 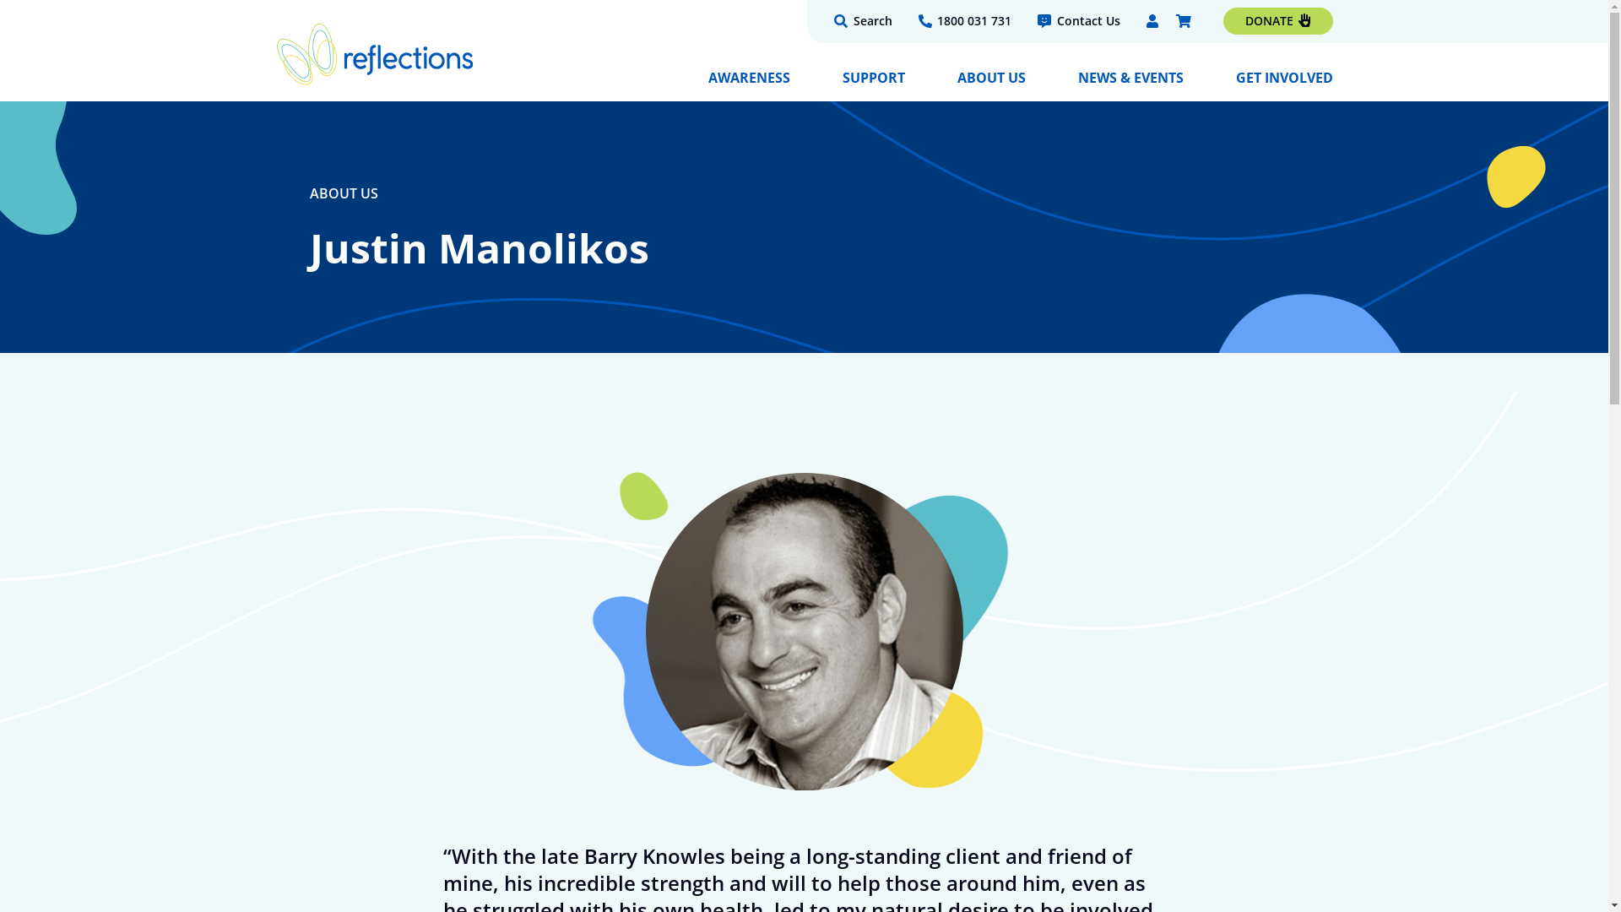 I want to click on 'NEWS & EVENTS', so click(x=1076, y=84).